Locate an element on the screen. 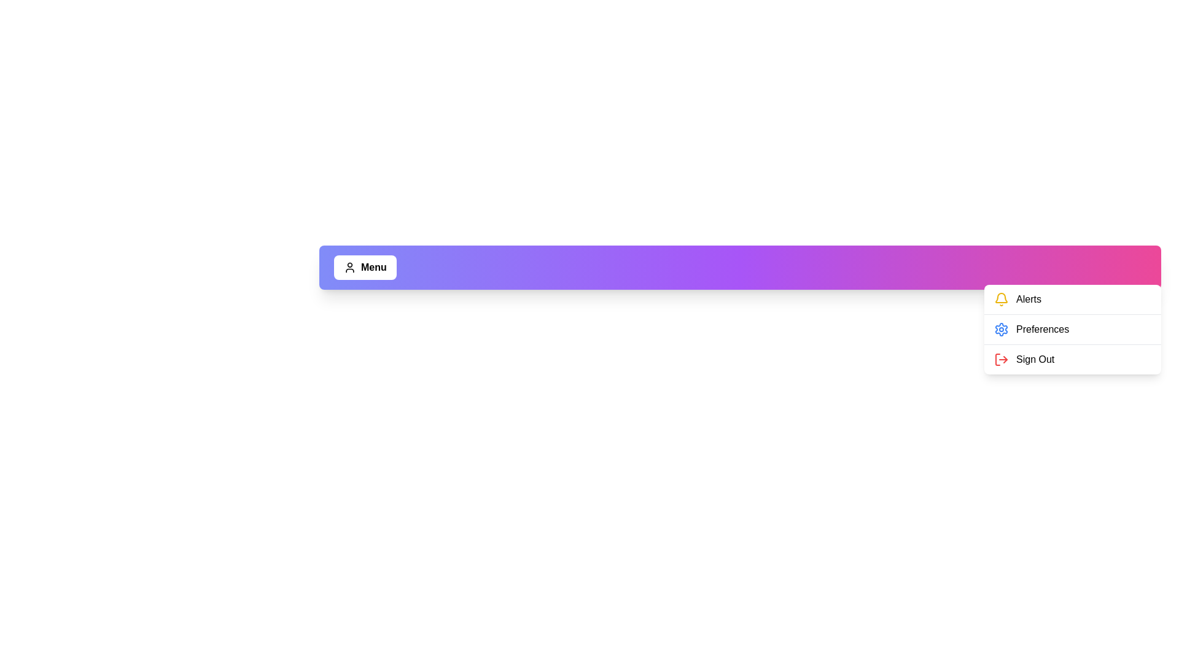 The image size is (1179, 663). 'Menu' button to toggle the menu visibility is located at coordinates (364, 266).